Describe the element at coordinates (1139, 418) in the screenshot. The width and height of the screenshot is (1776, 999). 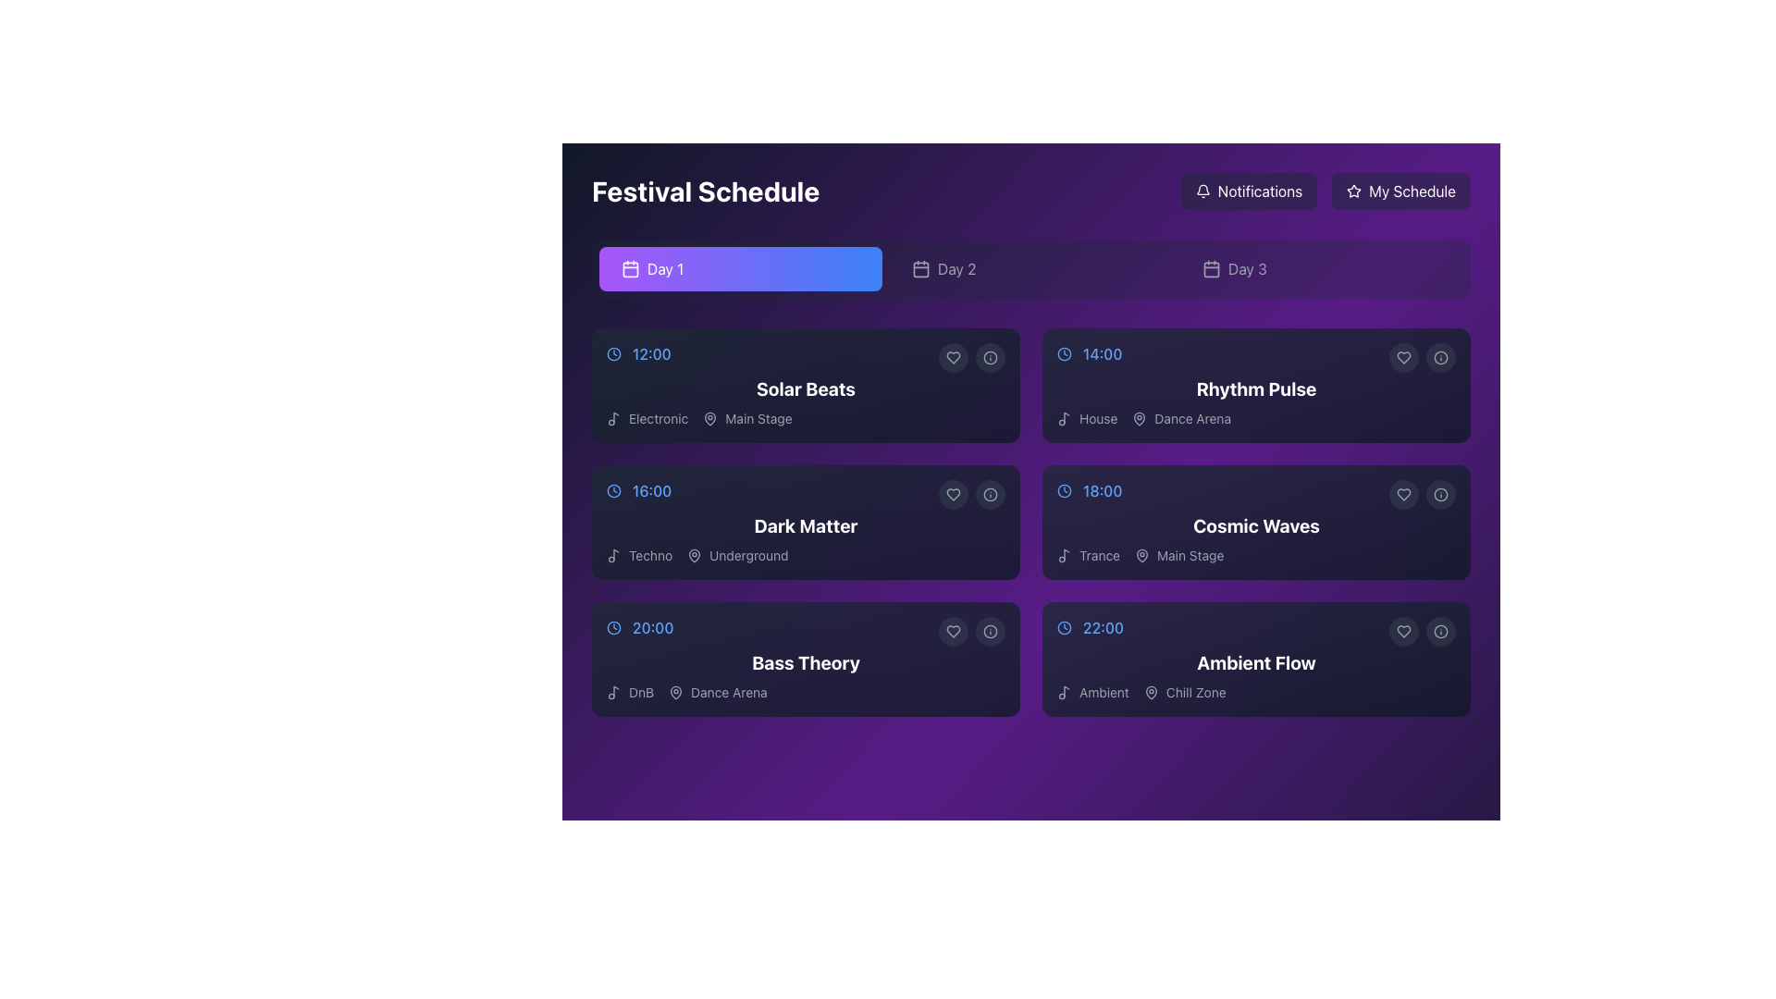
I see `the location indicator icon for the 'Rhythm Pulse' event, which is located to the left of the 'Dance Arena' text under '14:00'` at that location.